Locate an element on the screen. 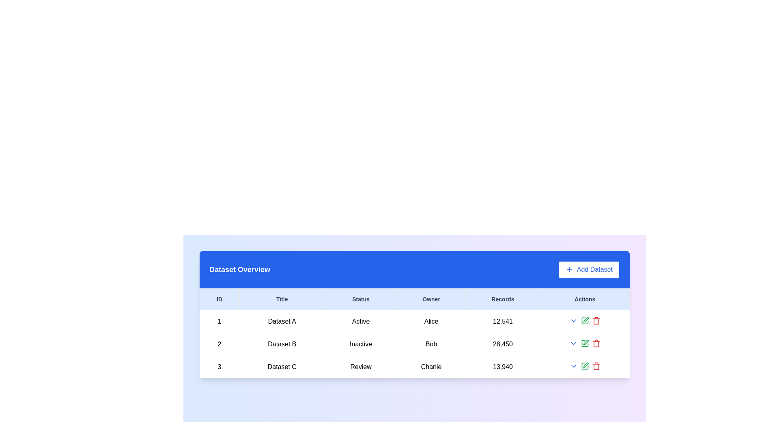 The image size is (779, 438). the table cell indicating the status ('Active') in the third column of the first row in the 'Dataset Overview' table is located at coordinates (360, 321).